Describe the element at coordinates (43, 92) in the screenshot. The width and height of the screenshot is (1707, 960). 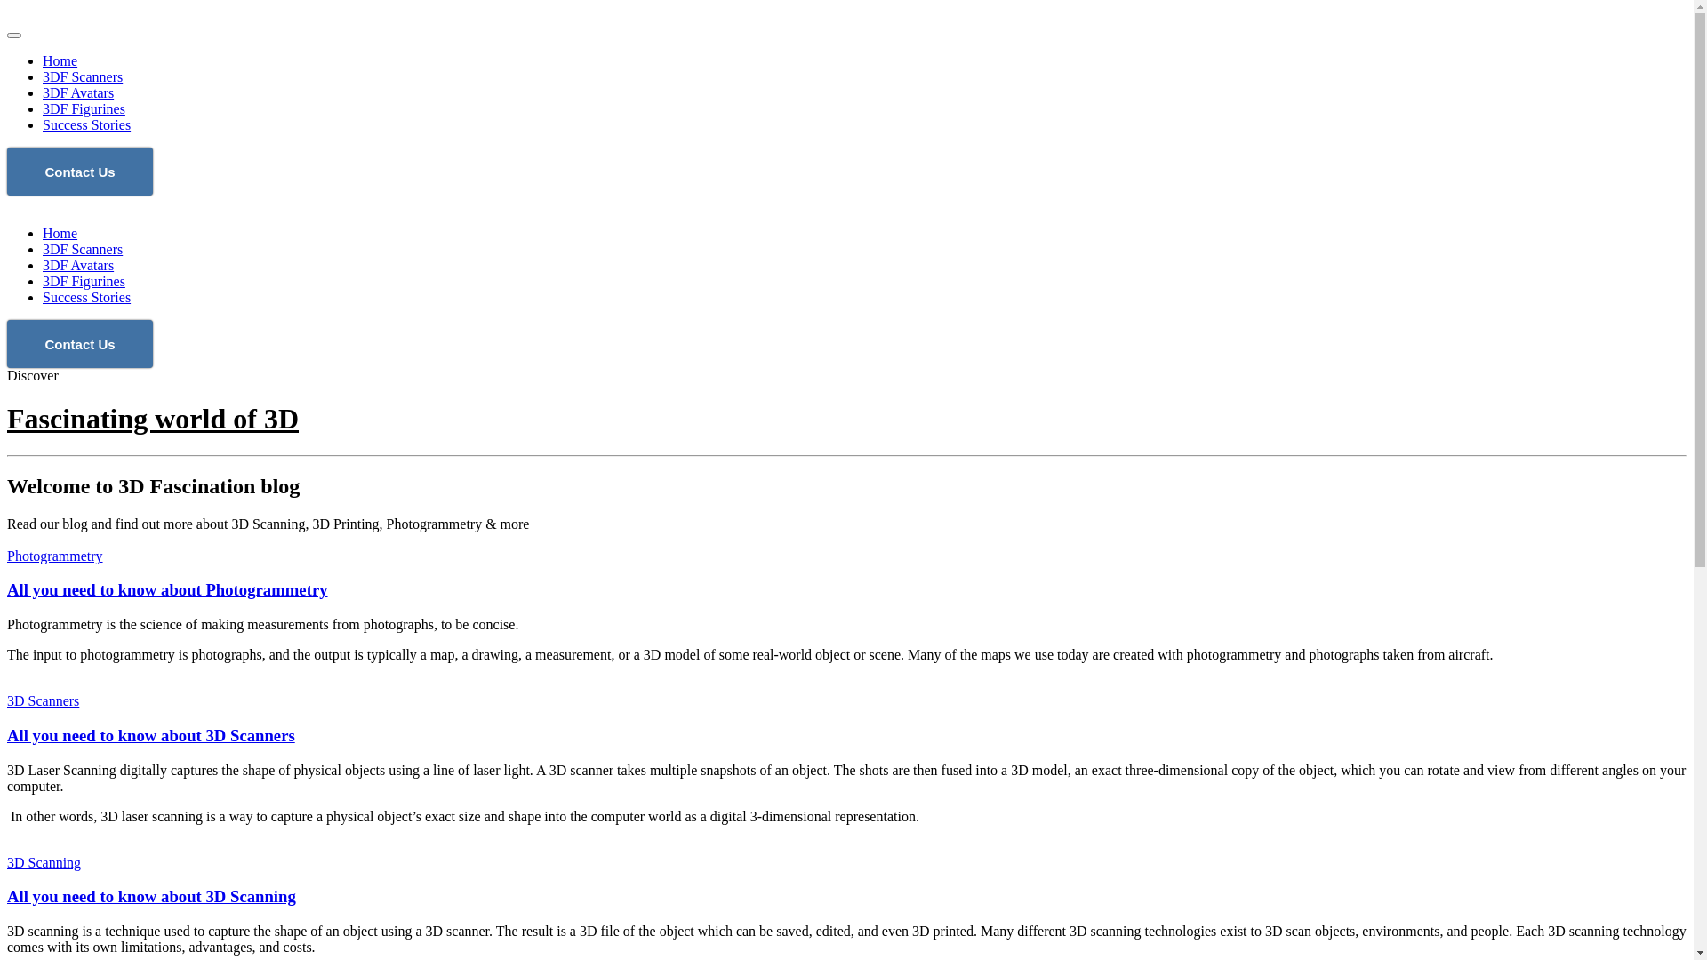
I see `'3DF Avatars'` at that location.